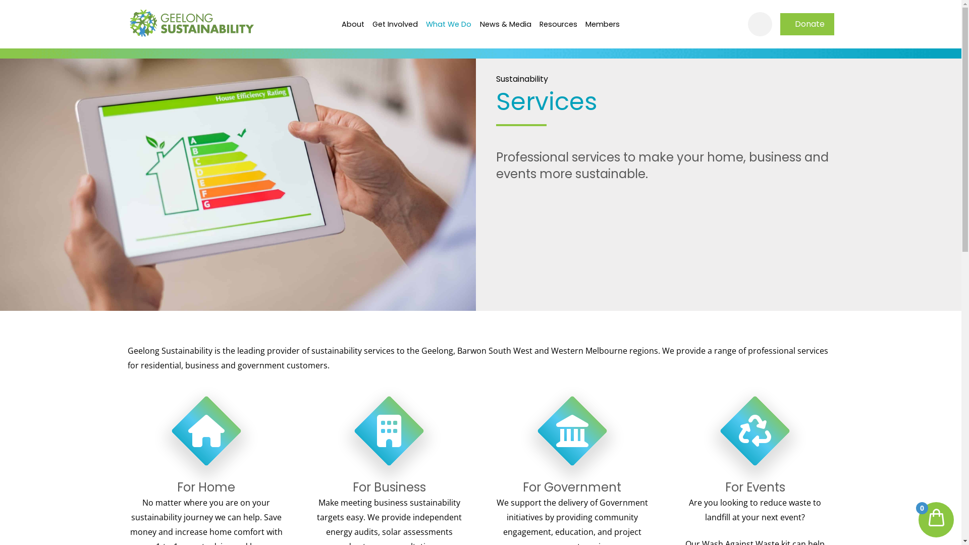 The height and width of the screenshot is (545, 969). I want to click on 'Resources', so click(558, 23).